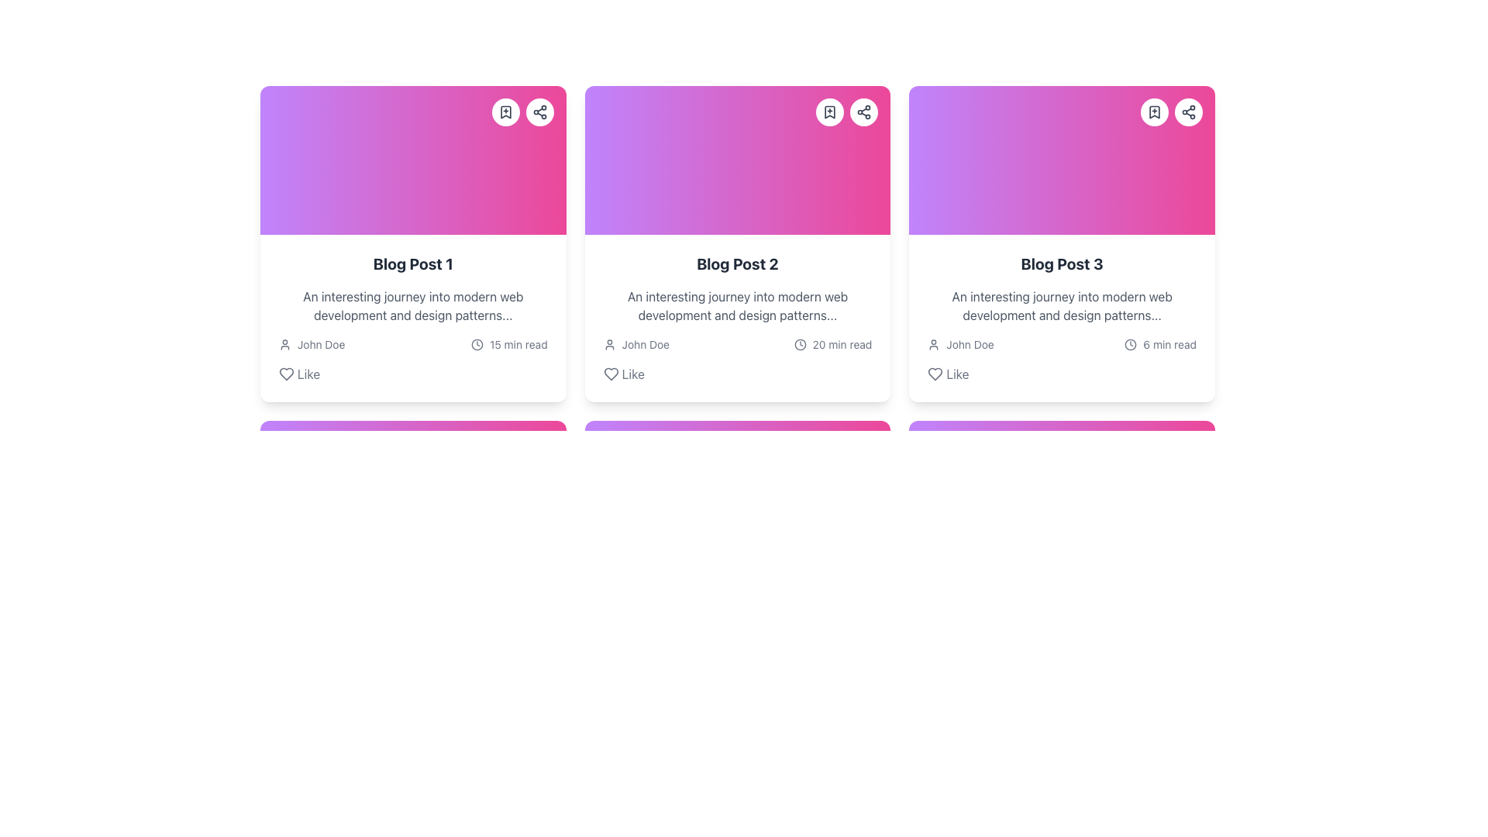 The height and width of the screenshot is (837, 1488). I want to click on the circular shape representing the outer border of the clock icon at the top-right corner of the 'Blog Post 3' card, so click(1131, 343).